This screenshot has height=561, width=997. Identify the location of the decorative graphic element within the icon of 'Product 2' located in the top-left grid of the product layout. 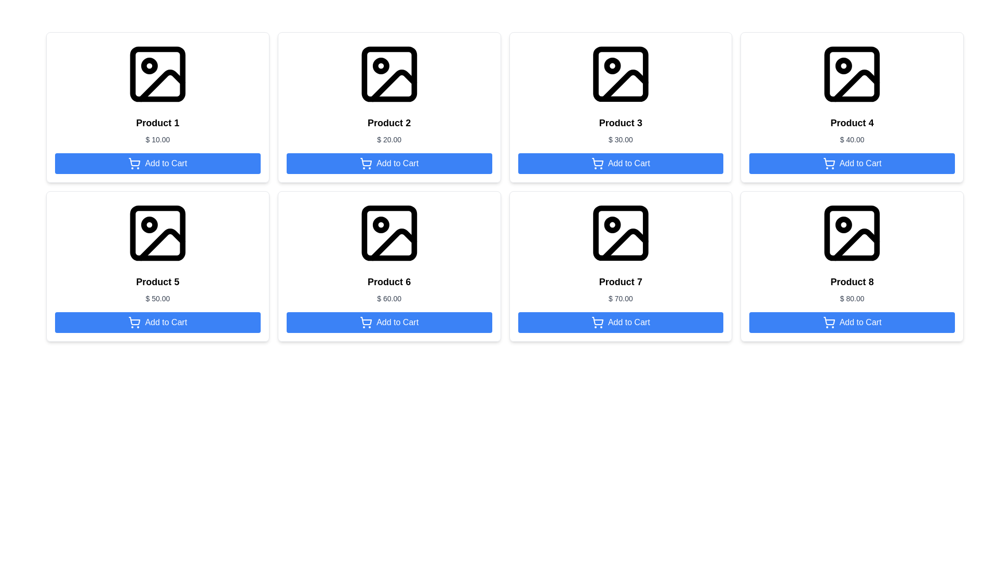
(393, 85).